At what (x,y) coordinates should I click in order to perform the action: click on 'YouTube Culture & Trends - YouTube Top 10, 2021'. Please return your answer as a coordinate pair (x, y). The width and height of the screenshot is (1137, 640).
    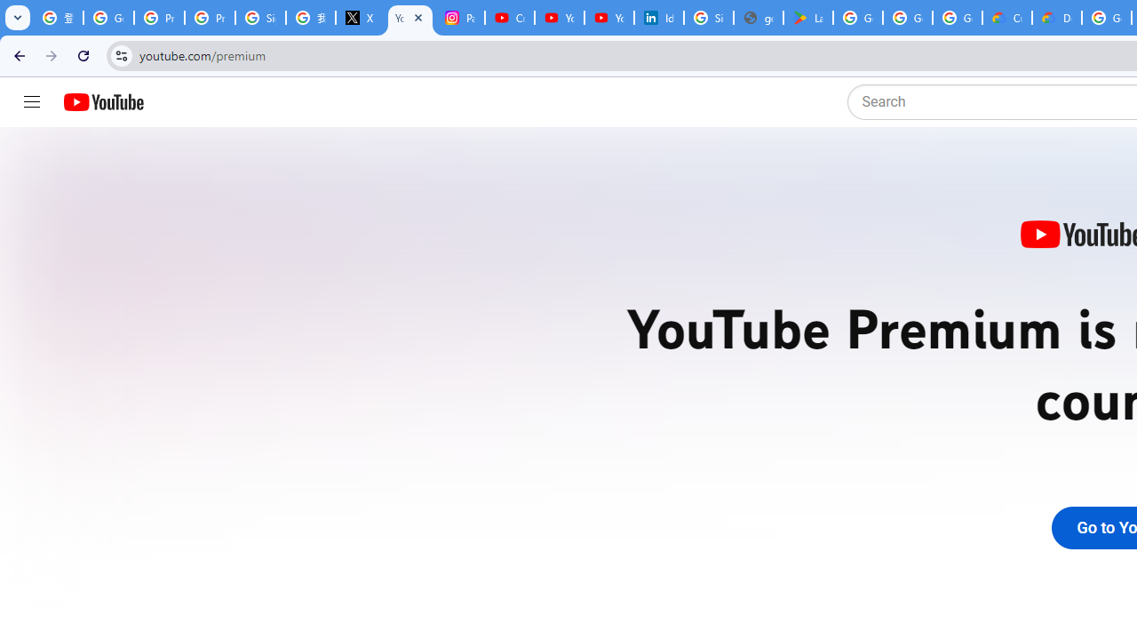
    Looking at the image, I should click on (609, 18).